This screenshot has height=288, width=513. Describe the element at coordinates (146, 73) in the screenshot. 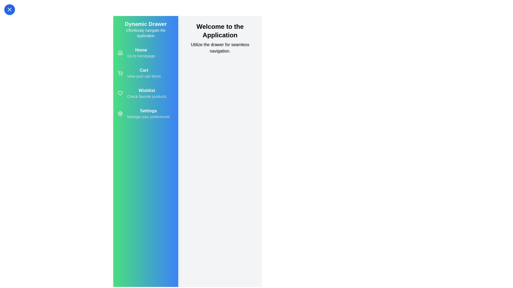

I see `the 'Cart' menu item to navigate to the cart section` at that location.